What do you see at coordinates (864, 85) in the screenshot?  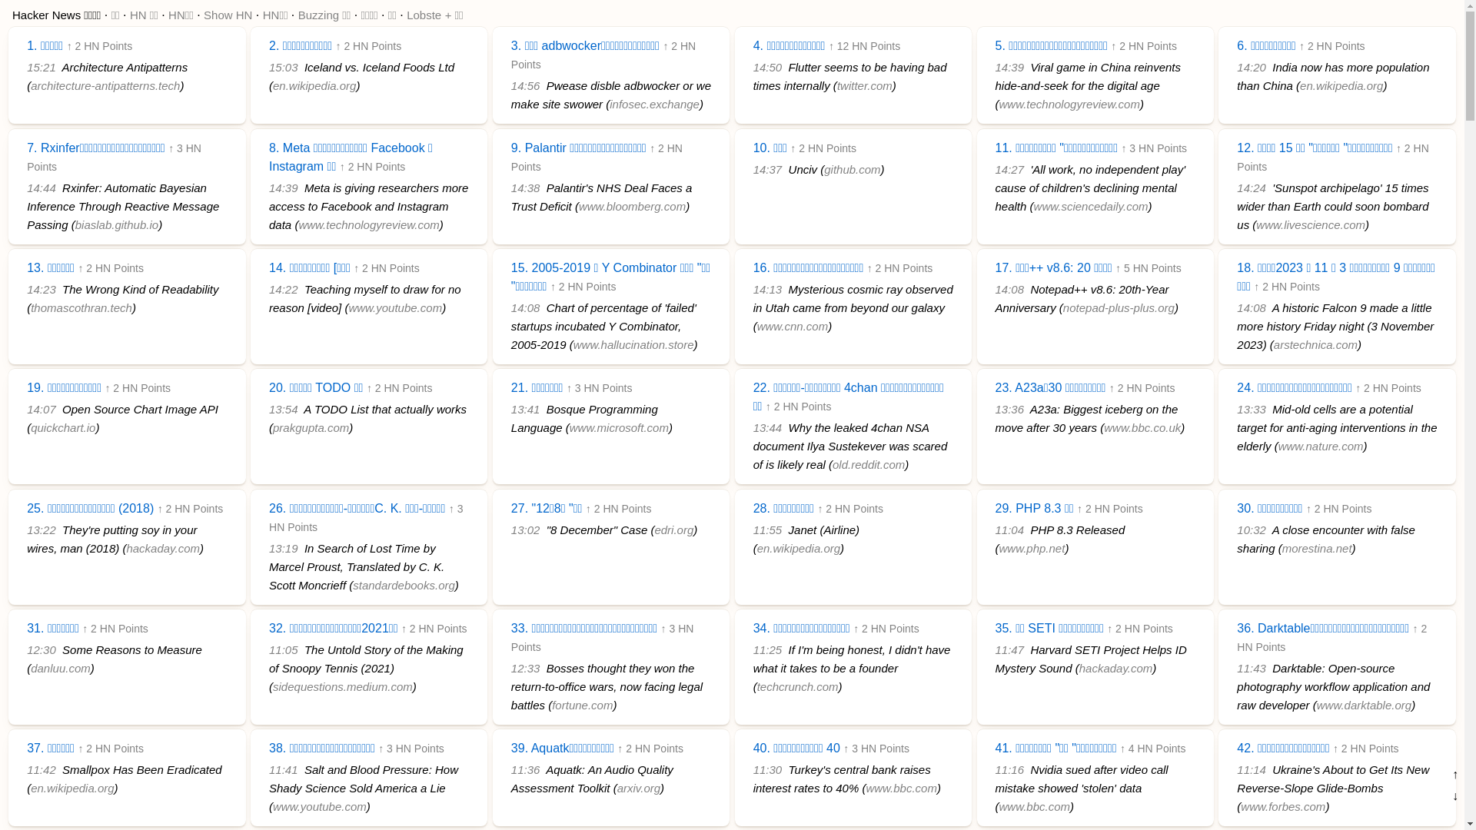 I see `'twitter.com'` at bounding box center [864, 85].